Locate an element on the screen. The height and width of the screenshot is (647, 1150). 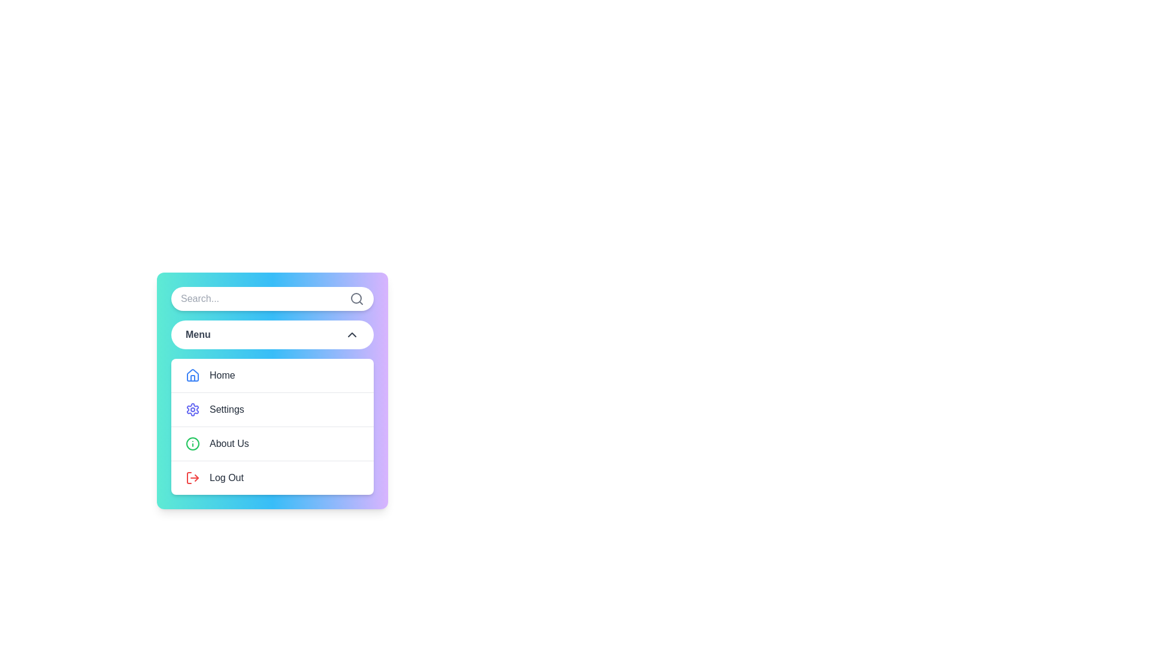
the SVG circle element with a green stroke located at the center of the 'About Us' menu option in the dropdown menu is located at coordinates (192, 443).